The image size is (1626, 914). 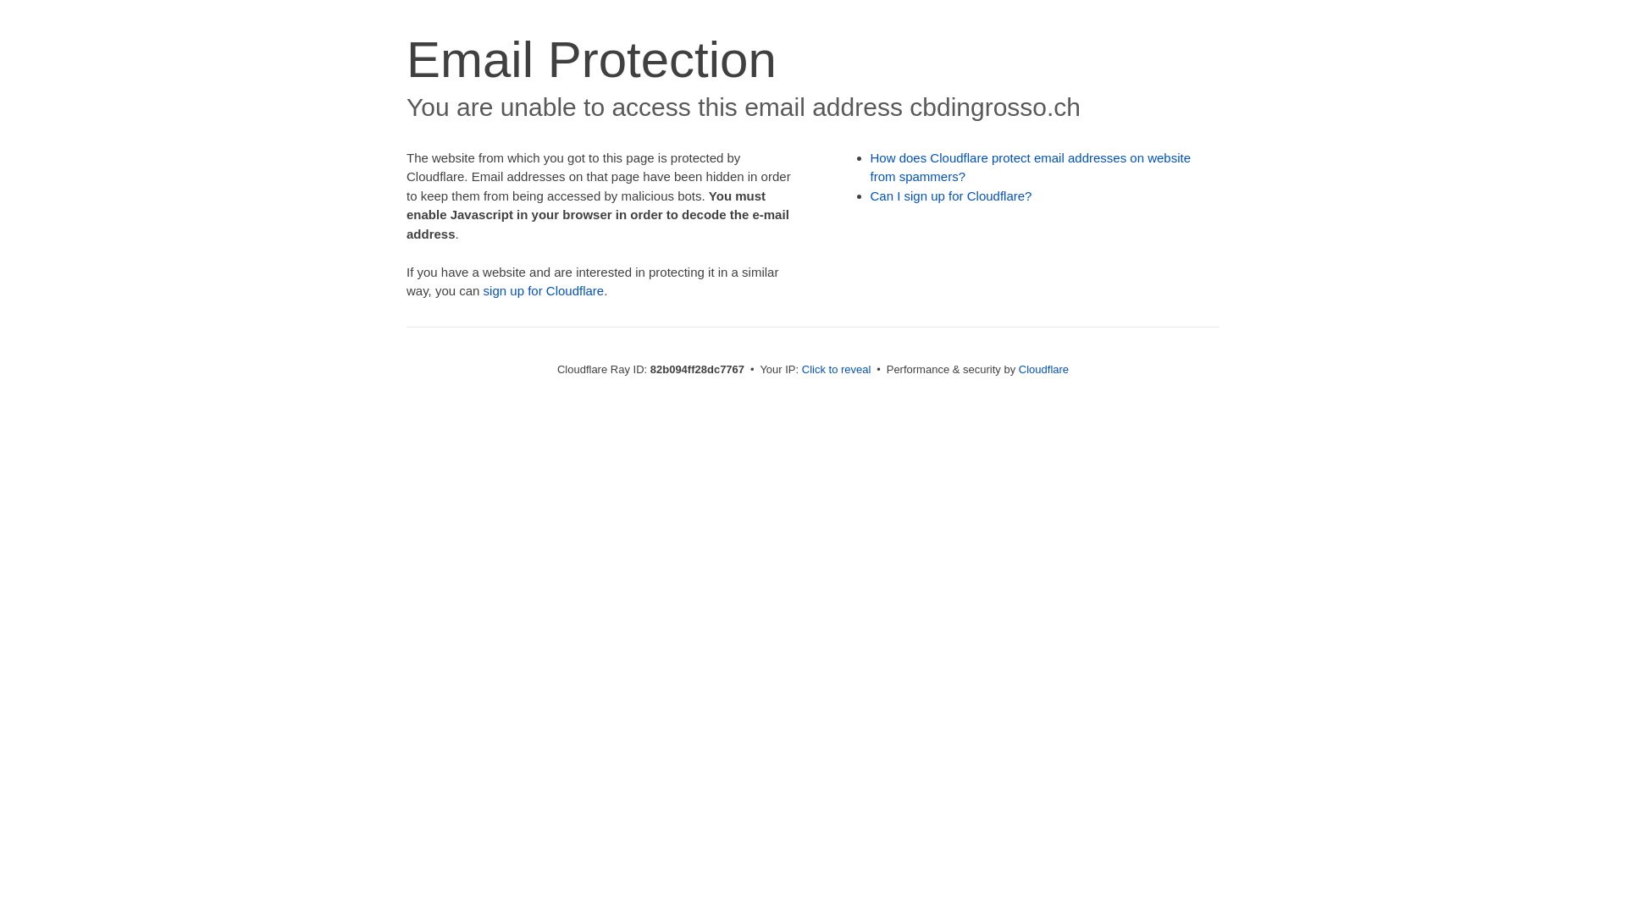 I want to click on 'Click to reveal', so click(x=837, y=368).